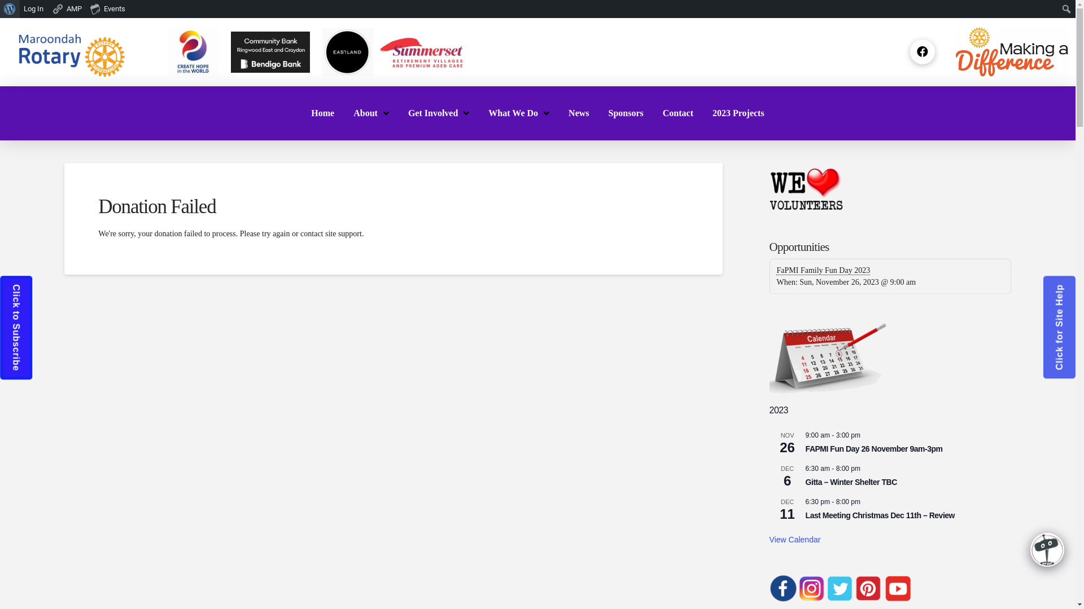  Describe the element at coordinates (738, 113) in the screenshot. I see `'2023 Projects'` at that location.